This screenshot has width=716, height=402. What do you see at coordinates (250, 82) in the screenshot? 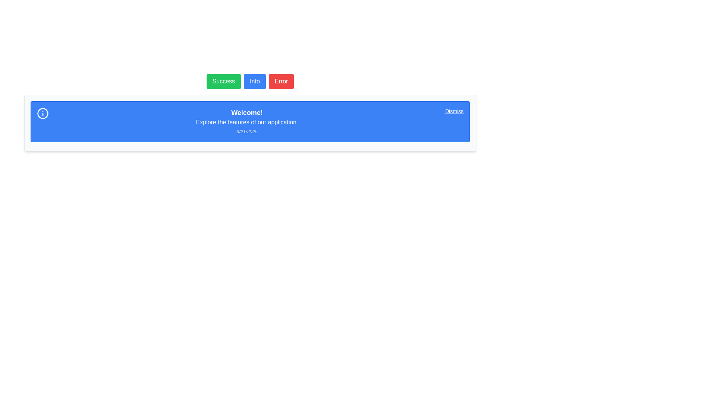
I see `the 'Info' button, which is the second button in a horizontal sequence of three buttons` at bounding box center [250, 82].